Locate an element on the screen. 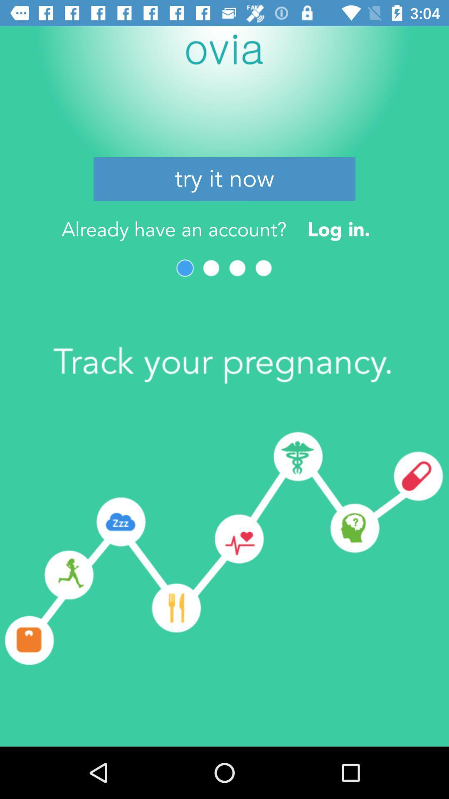 The height and width of the screenshot is (799, 449). the item above log in. icon is located at coordinates (224, 179).